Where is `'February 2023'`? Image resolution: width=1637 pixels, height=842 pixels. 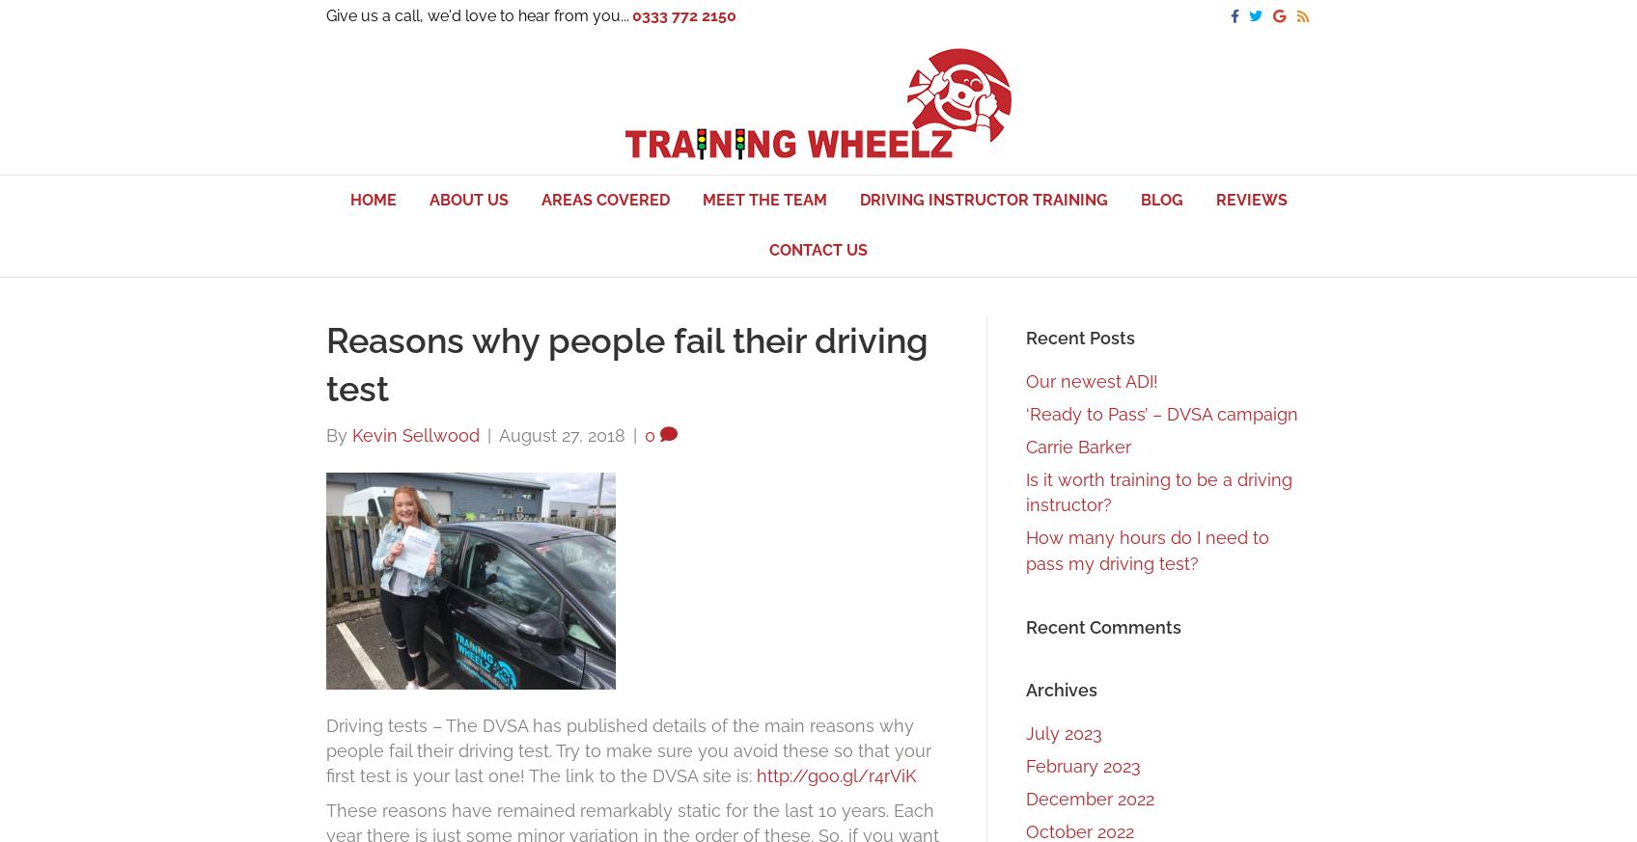 'February 2023' is located at coordinates (1082, 766).